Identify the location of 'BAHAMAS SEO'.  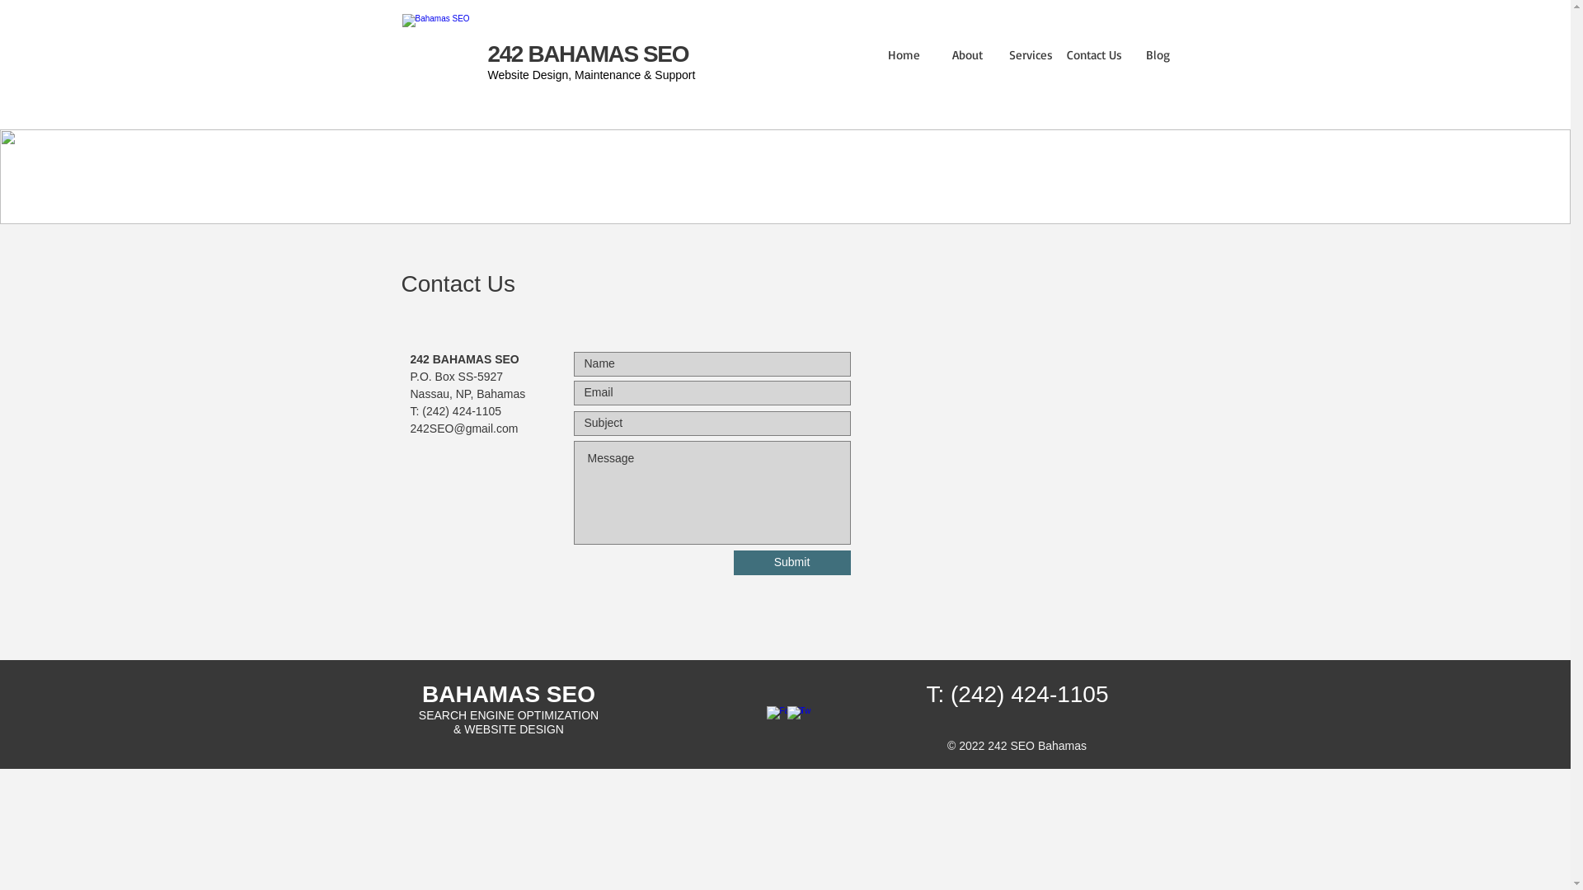
(422, 694).